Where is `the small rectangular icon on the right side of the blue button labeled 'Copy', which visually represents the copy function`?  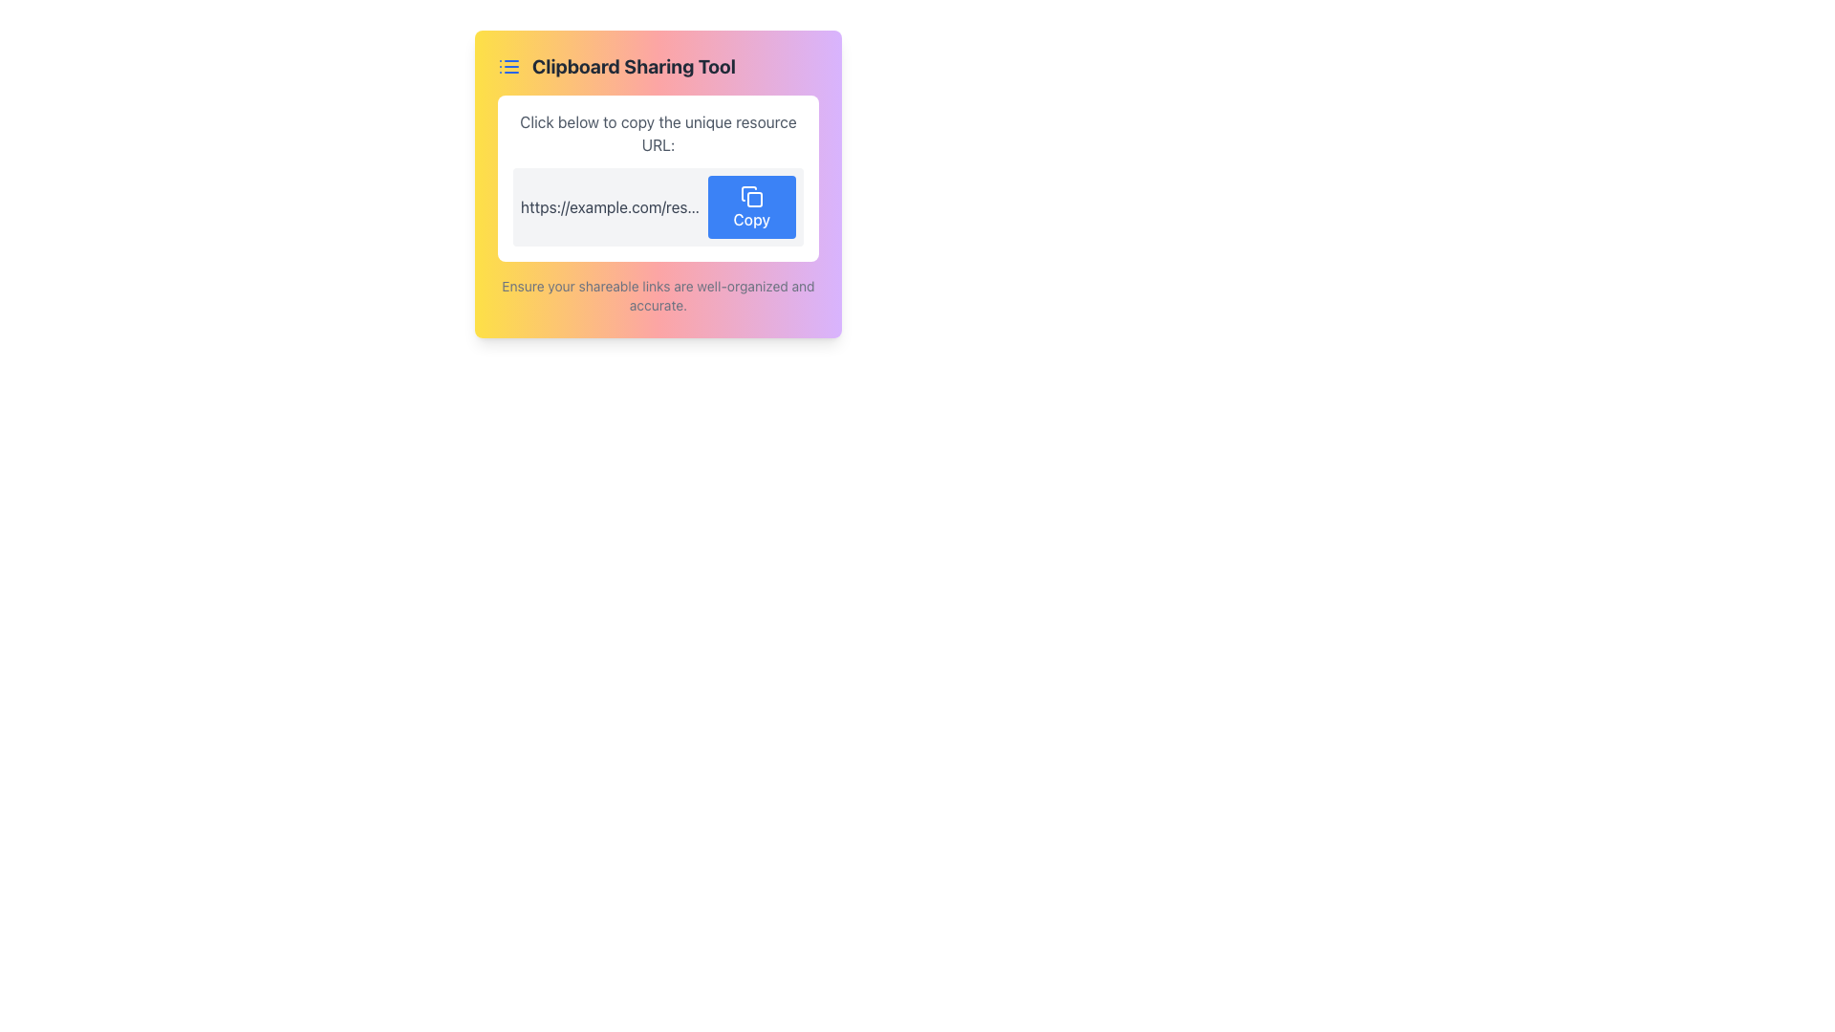 the small rectangular icon on the right side of the blue button labeled 'Copy', which visually represents the copy function is located at coordinates (750, 196).